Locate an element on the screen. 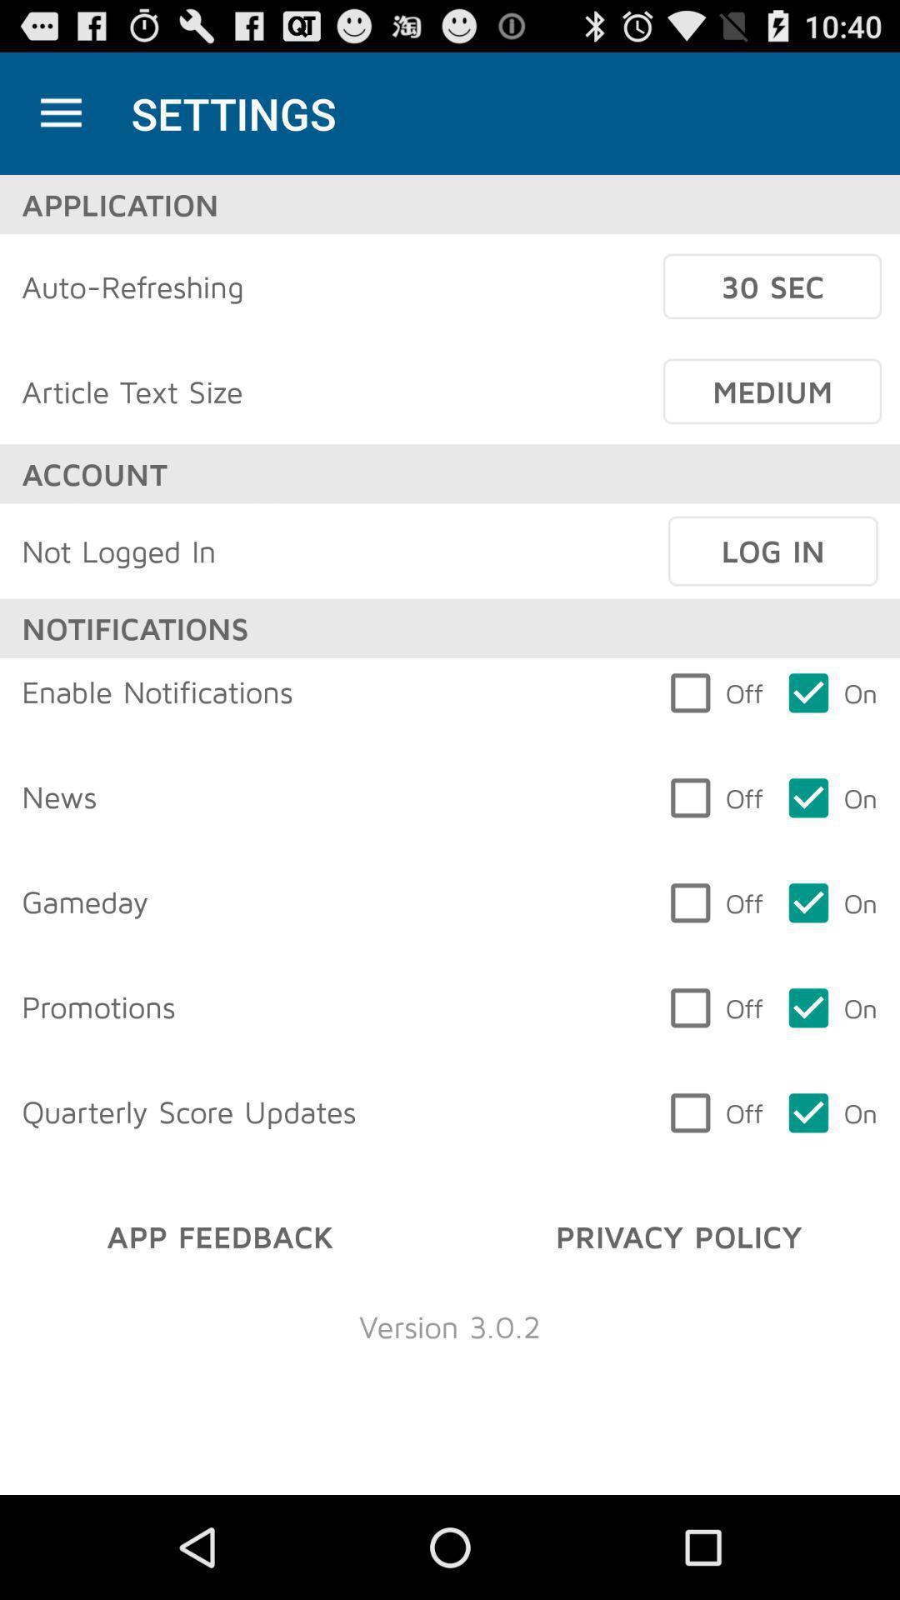 The width and height of the screenshot is (900, 1600). the item next to the settings icon is located at coordinates (60, 112).